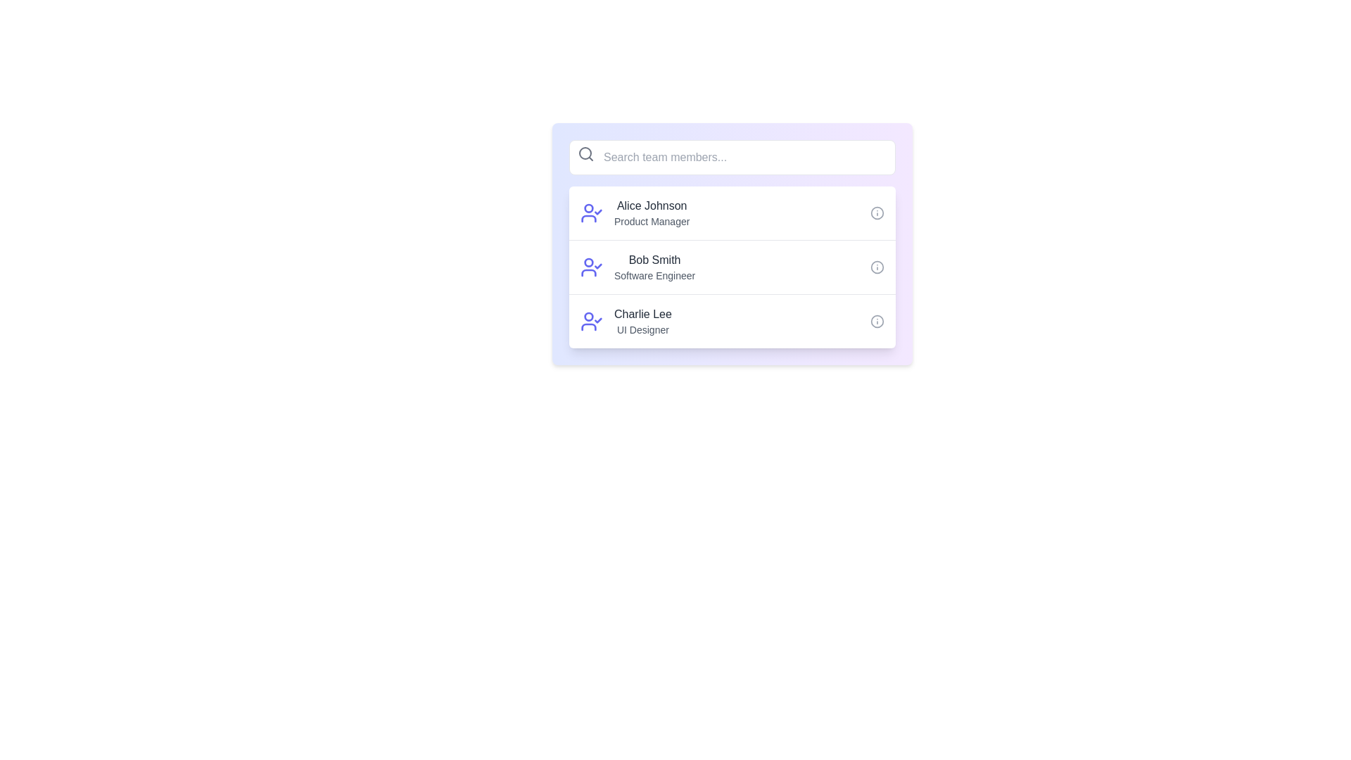 The width and height of the screenshot is (1351, 760). What do you see at coordinates (586, 154) in the screenshot?
I see `the search icon located at the upper-left corner of the search bar, which serves as a visual cue for initiating a search functionality` at bounding box center [586, 154].